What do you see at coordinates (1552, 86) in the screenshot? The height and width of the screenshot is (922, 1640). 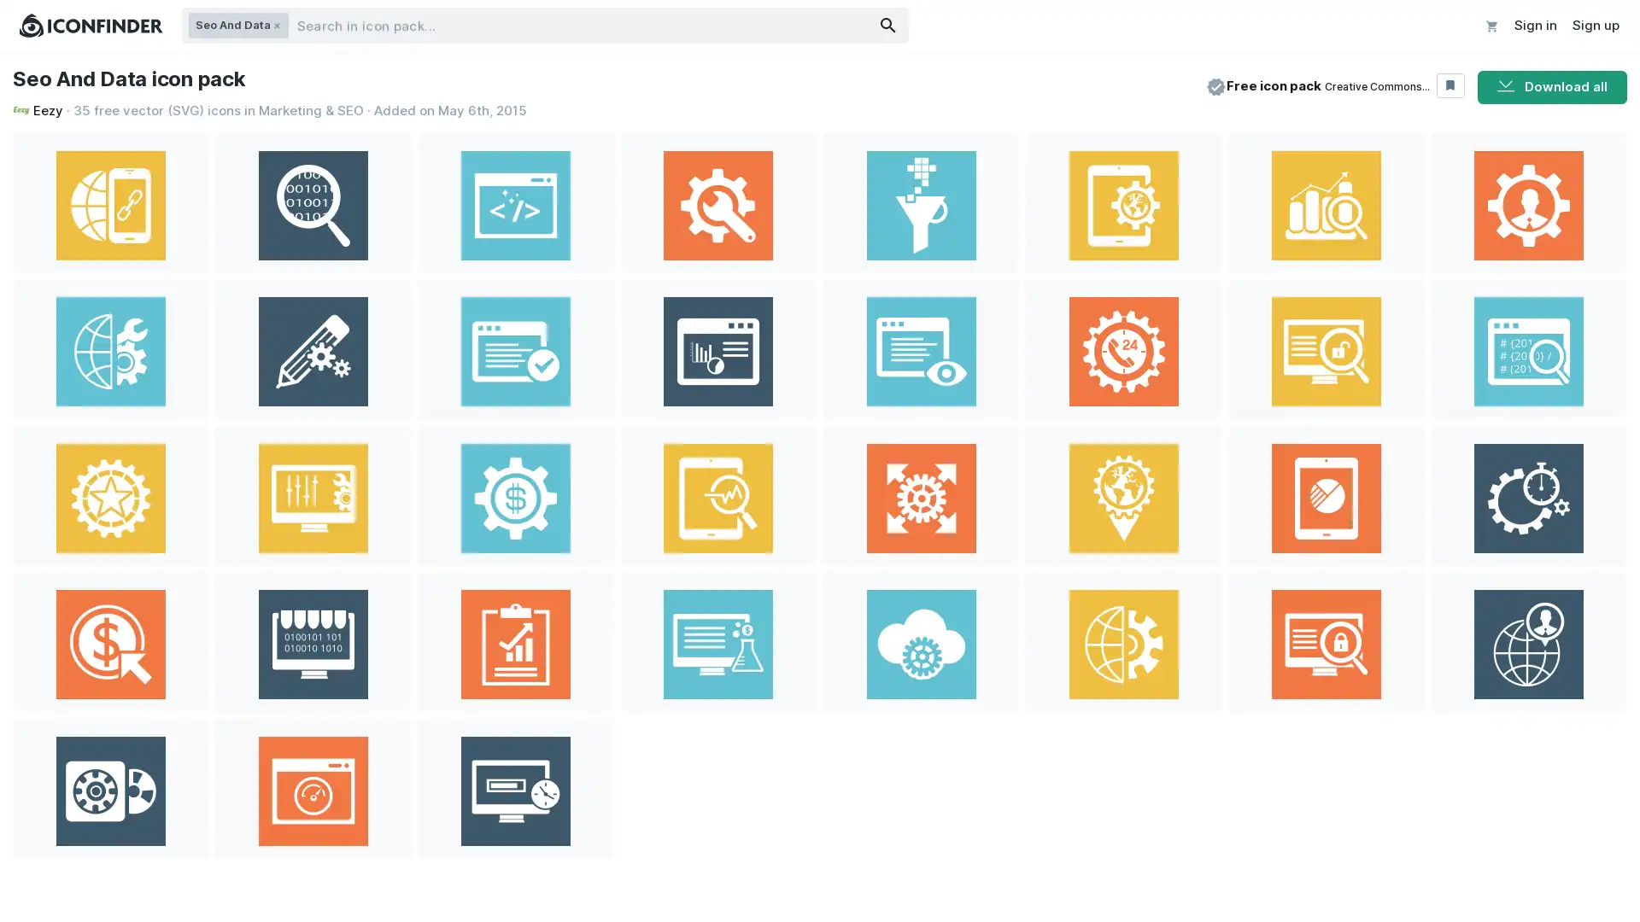 I see `Download all` at bounding box center [1552, 86].